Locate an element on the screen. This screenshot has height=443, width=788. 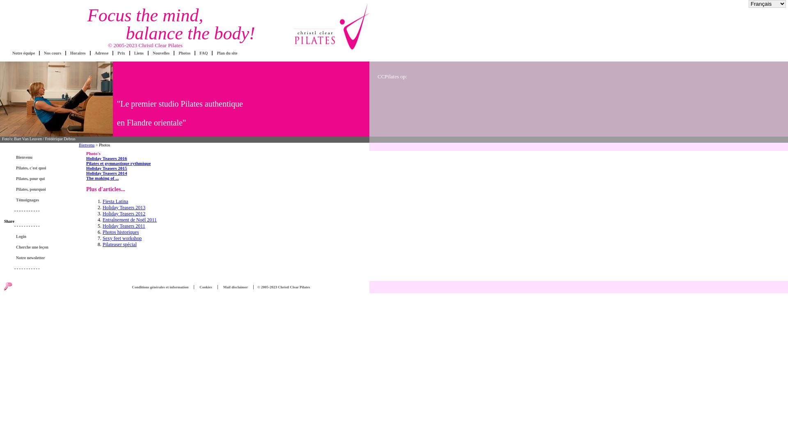
'Holiday Teasers 2014' is located at coordinates (106, 172).